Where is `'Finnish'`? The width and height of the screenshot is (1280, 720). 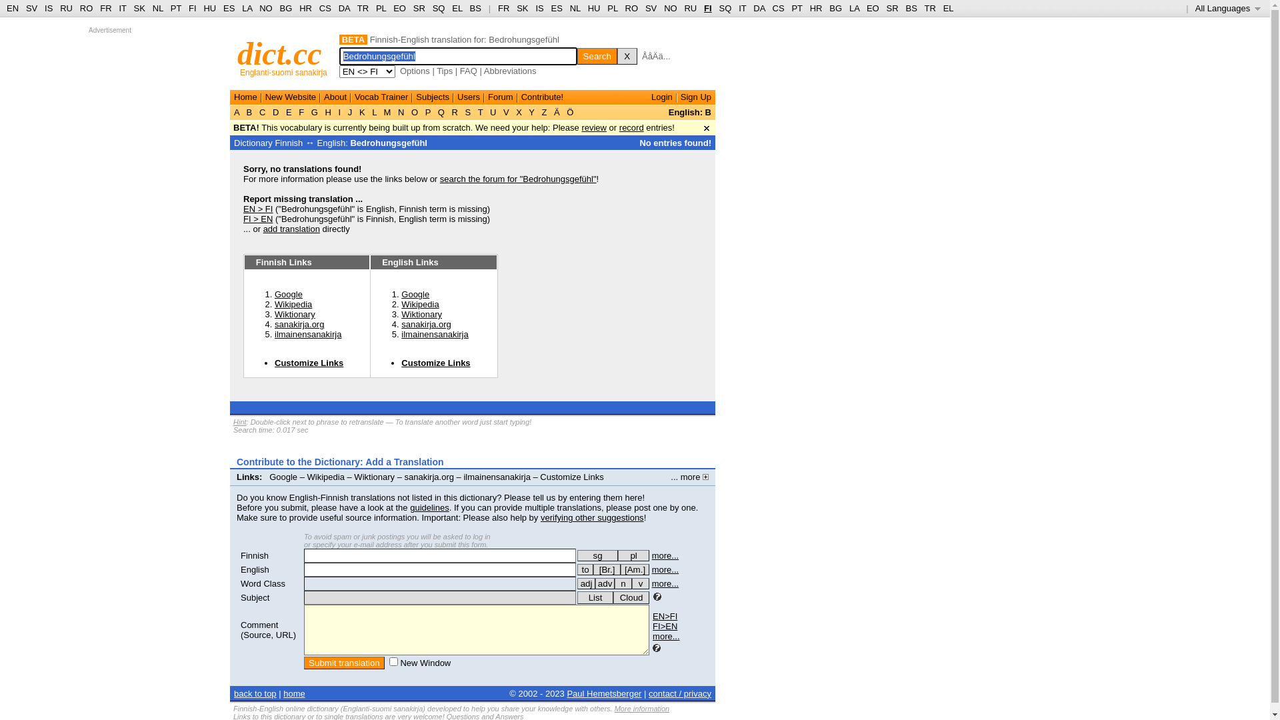 'Finnish' is located at coordinates (255, 555).